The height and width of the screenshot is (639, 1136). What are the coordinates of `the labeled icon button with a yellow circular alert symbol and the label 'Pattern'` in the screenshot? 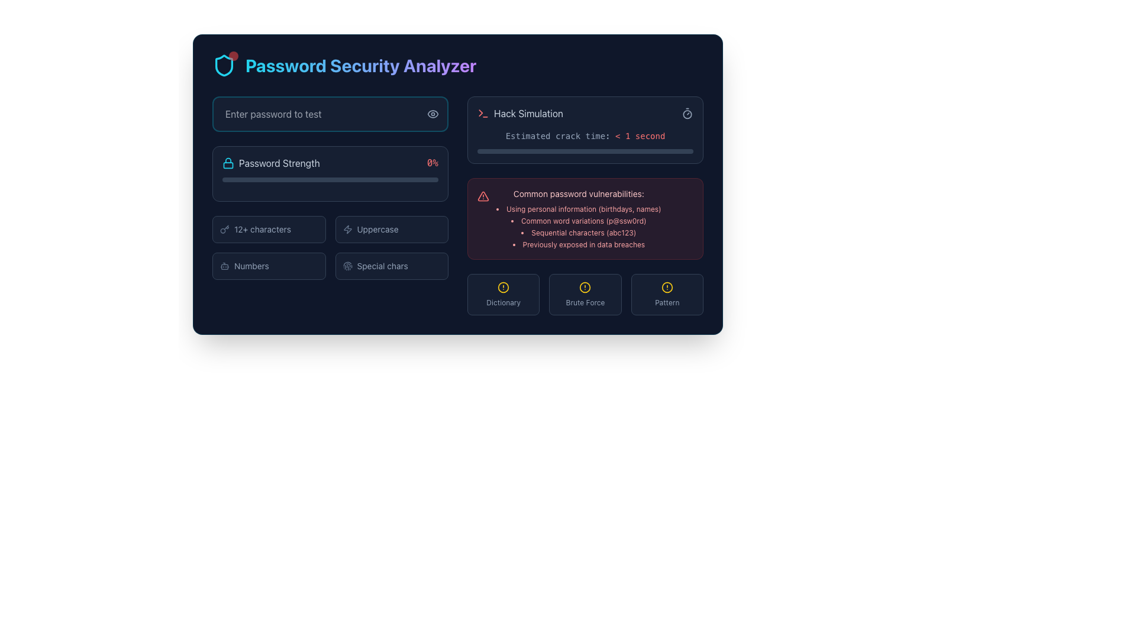 It's located at (667, 293).